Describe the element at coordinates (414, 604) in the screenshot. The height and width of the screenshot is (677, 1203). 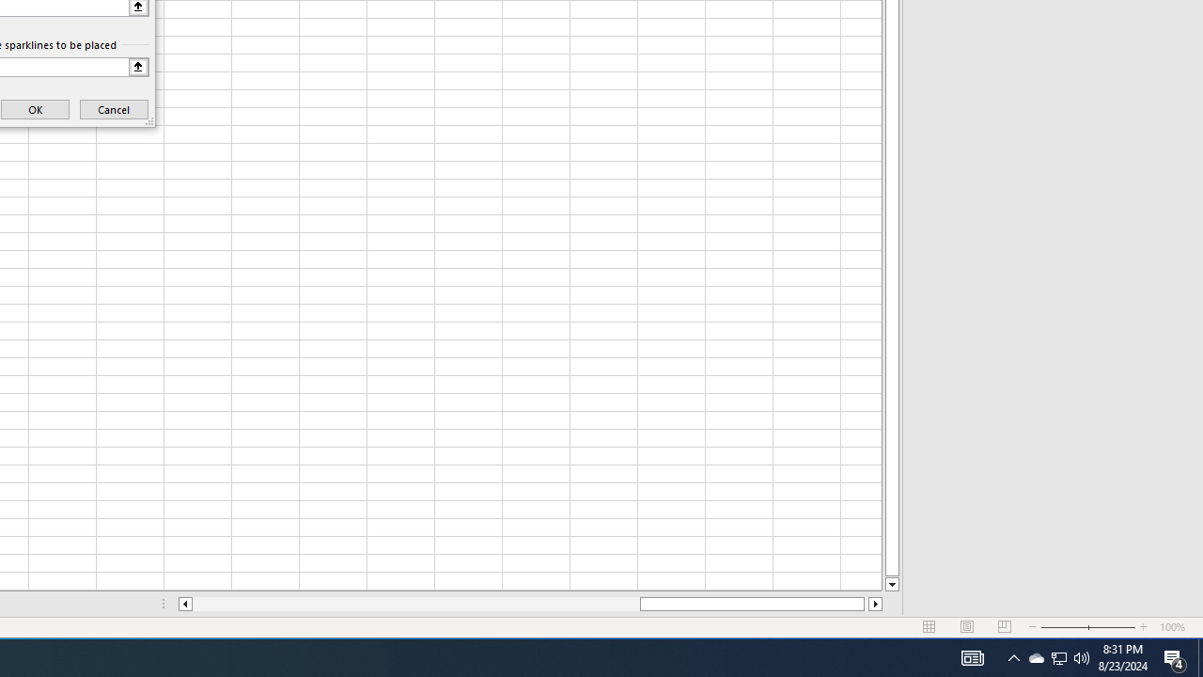
I see `'Page left'` at that location.